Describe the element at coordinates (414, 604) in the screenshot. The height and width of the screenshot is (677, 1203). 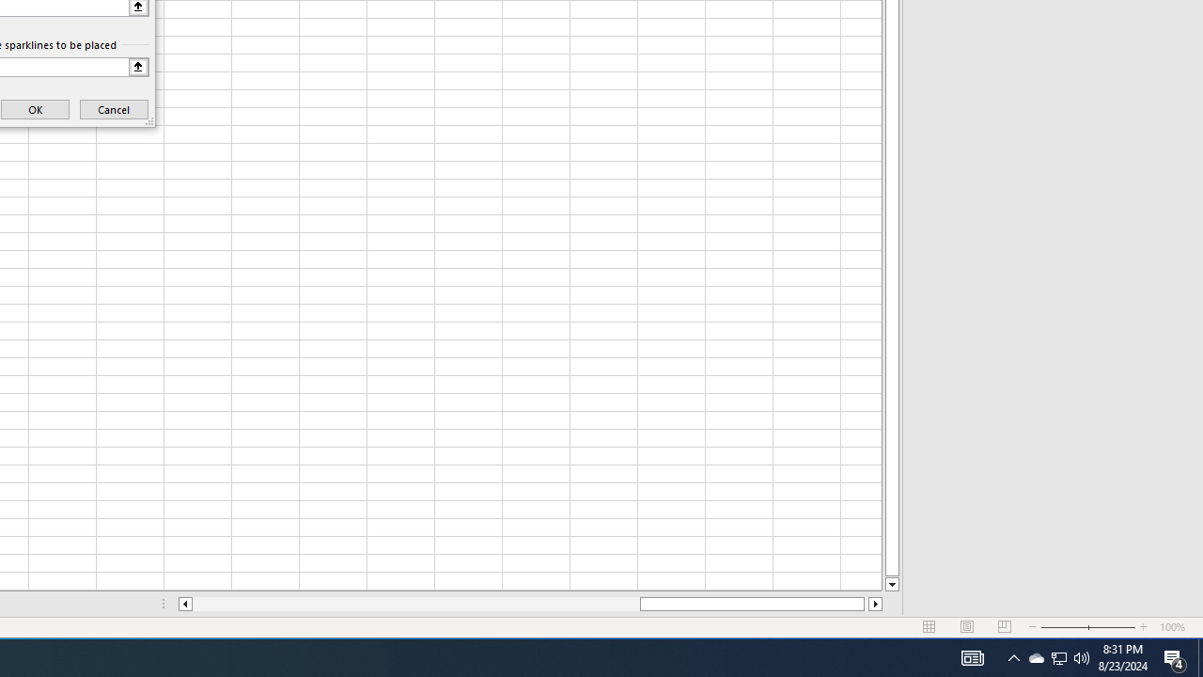
I see `'Page left'` at that location.